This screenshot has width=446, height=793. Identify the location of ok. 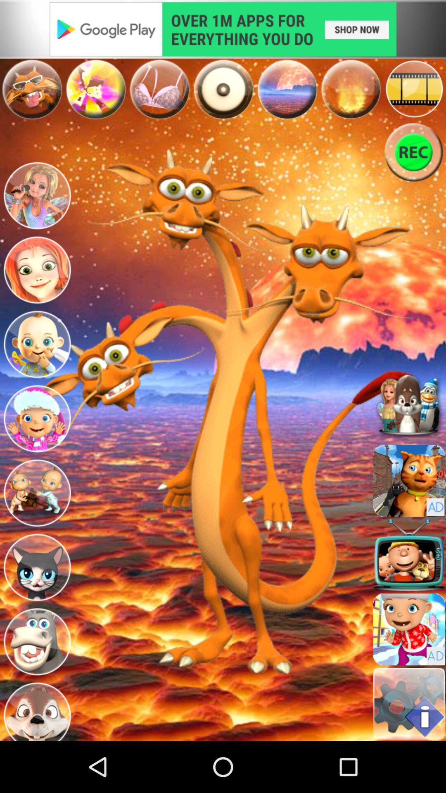
(409, 555).